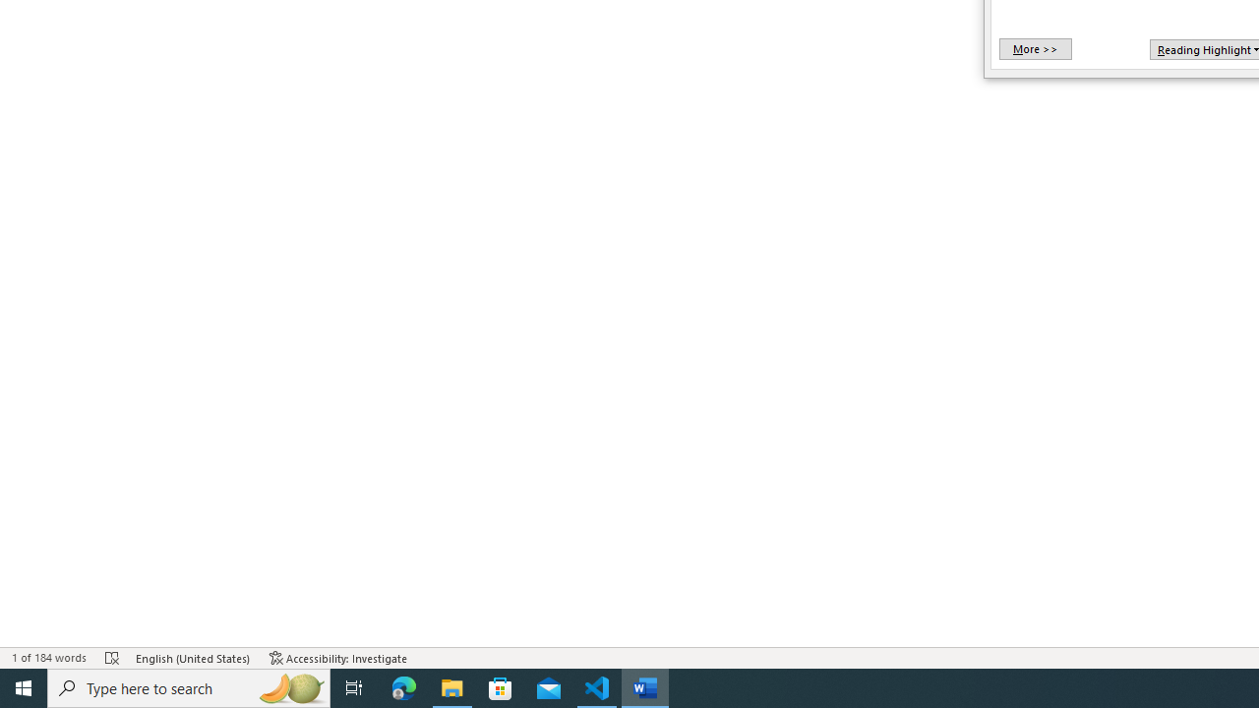 The width and height of the screenshot is (1259, 708). What do you see at coordinates (451, 686) in the screenshot?
I see `'File Explorer - 1 running window'` at bounding box center [451, 686].